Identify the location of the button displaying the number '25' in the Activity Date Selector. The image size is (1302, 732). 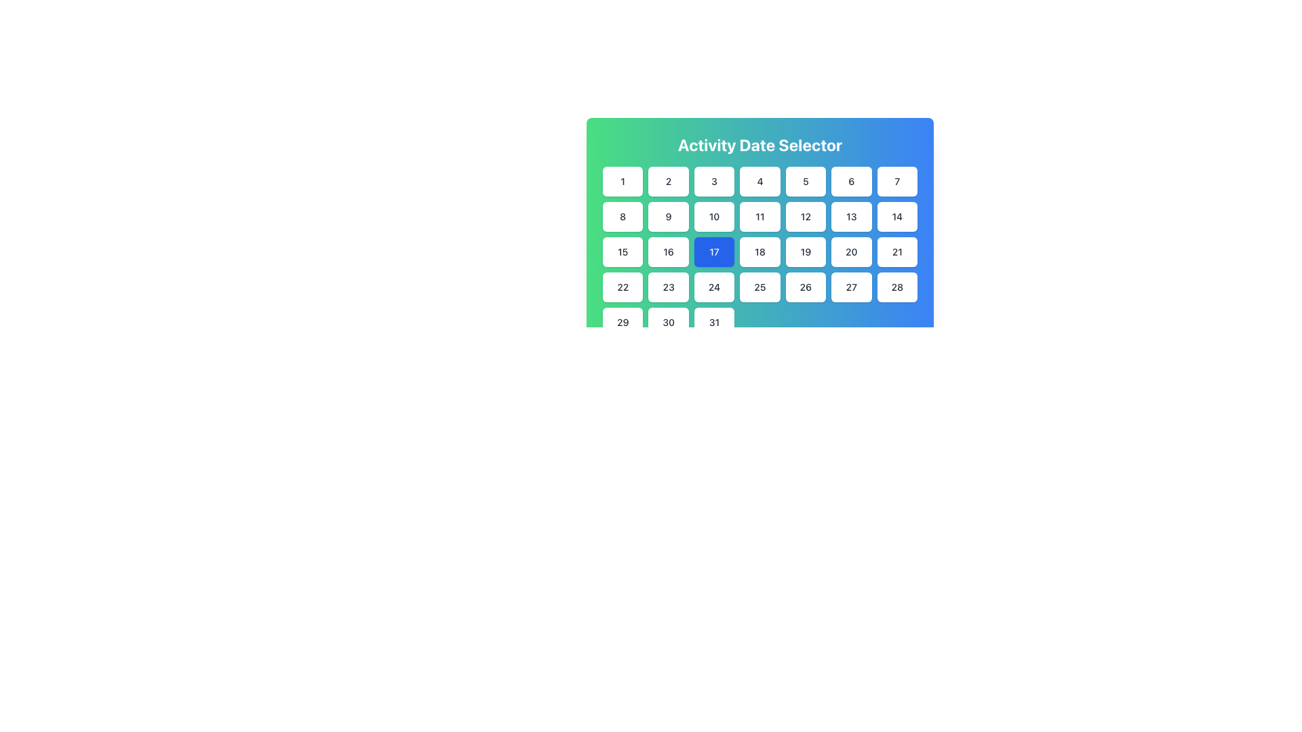
(759, 287).